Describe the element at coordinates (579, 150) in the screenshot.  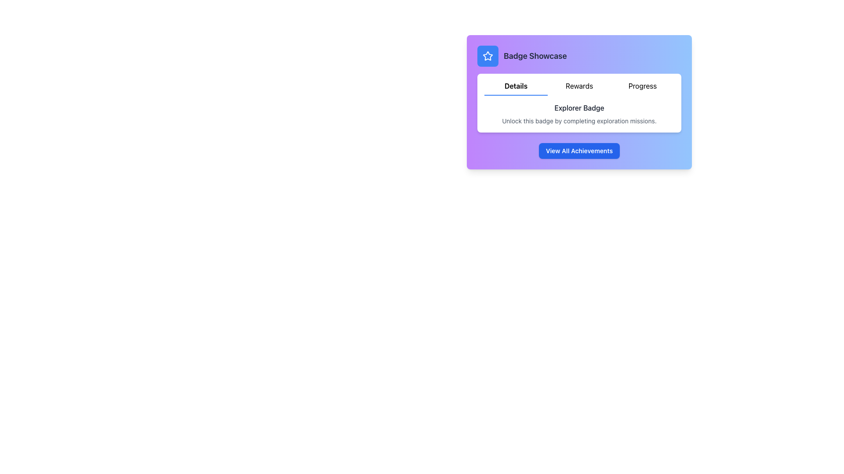
I see `the 'View All Achievements' button using keyboard navigation to focus on it` at that location.